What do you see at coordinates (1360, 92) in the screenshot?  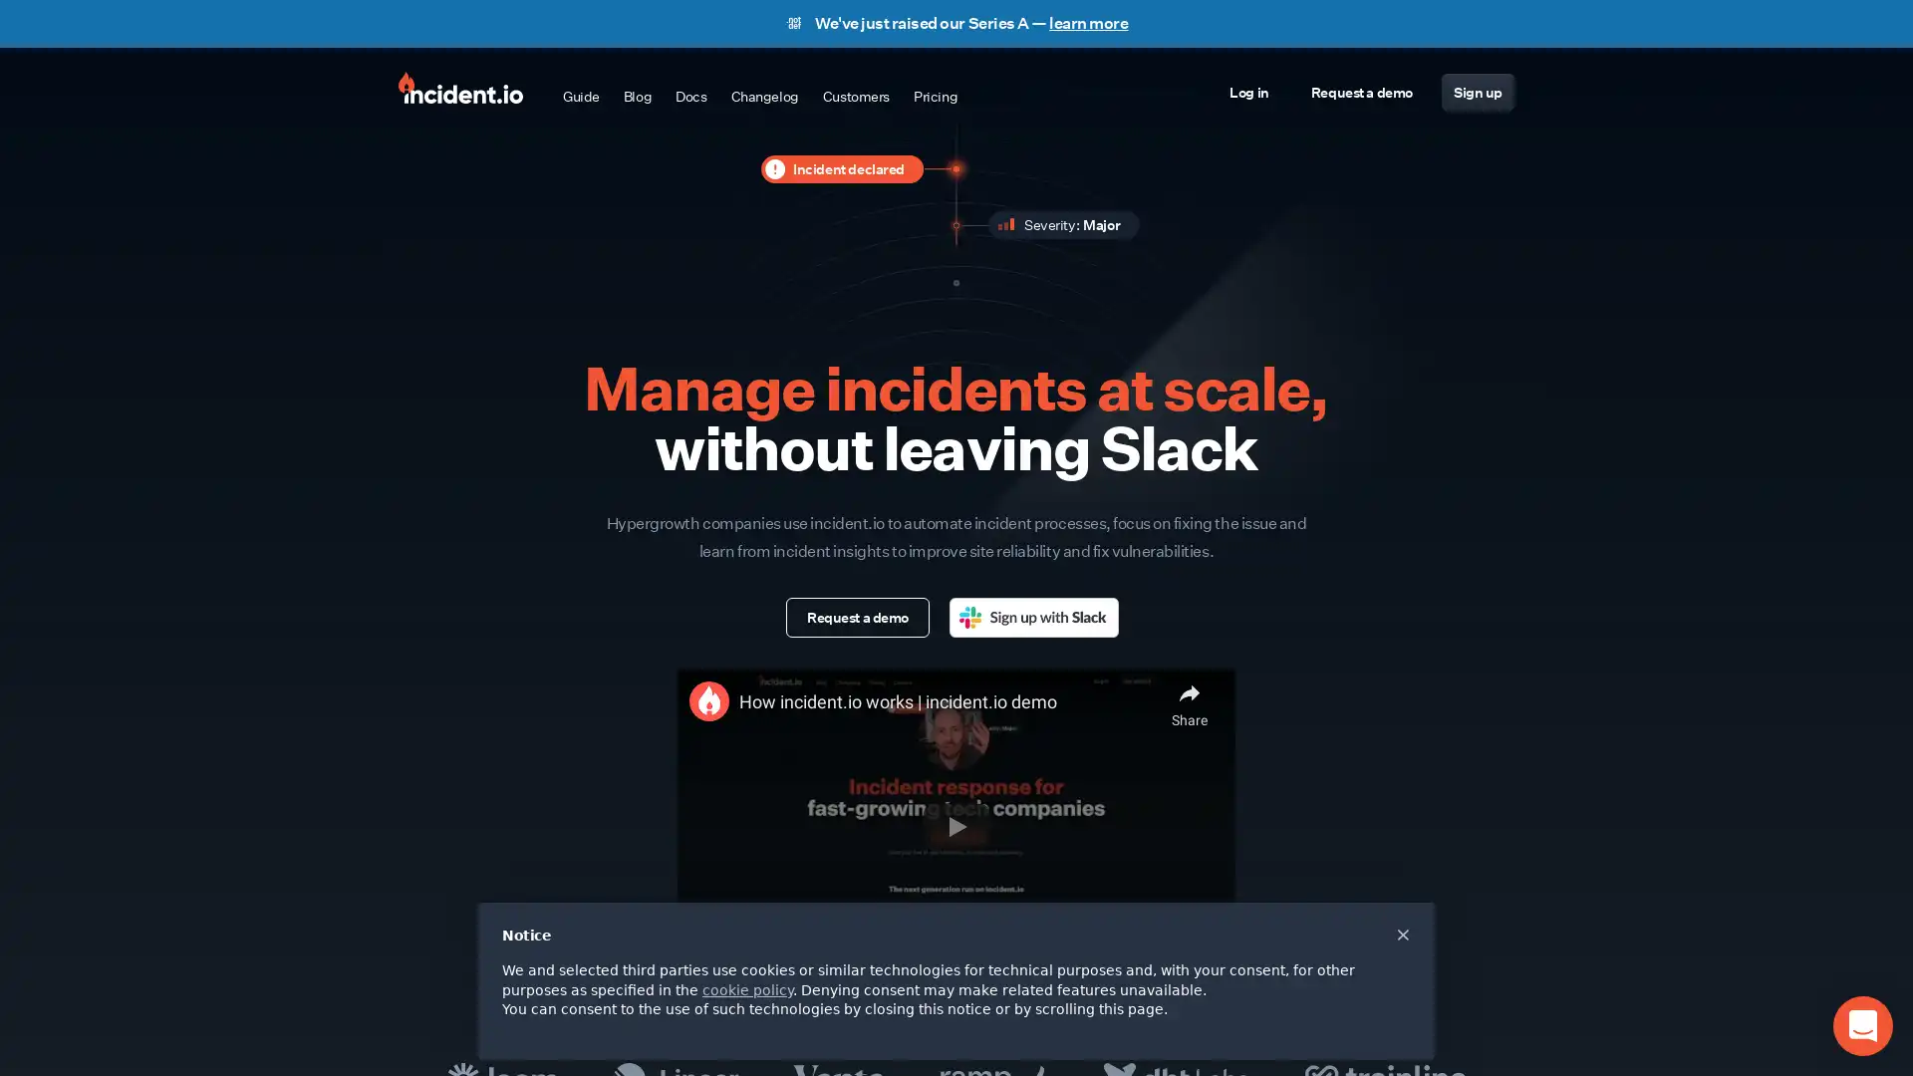 I see `Request a demo` at bounding box center [1360, 92].